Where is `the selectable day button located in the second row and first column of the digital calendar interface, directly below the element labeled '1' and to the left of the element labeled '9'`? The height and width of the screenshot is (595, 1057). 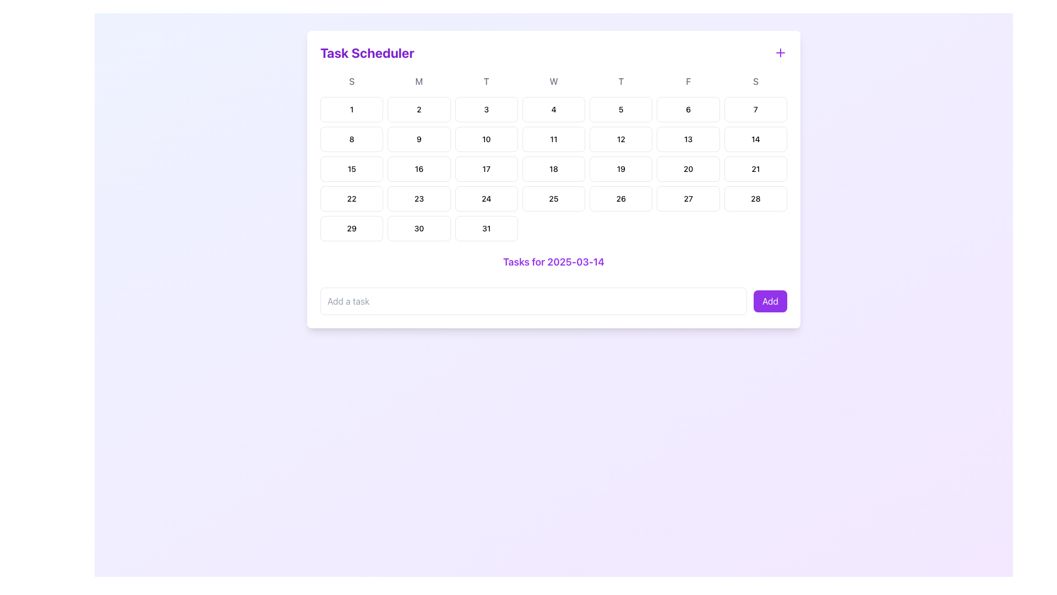
the selectable day button located in the second row and first column of the digital calendar interface, directly below the element labeled '1' and to the left of the element labeled '9' is located at coordinates (351, 139).